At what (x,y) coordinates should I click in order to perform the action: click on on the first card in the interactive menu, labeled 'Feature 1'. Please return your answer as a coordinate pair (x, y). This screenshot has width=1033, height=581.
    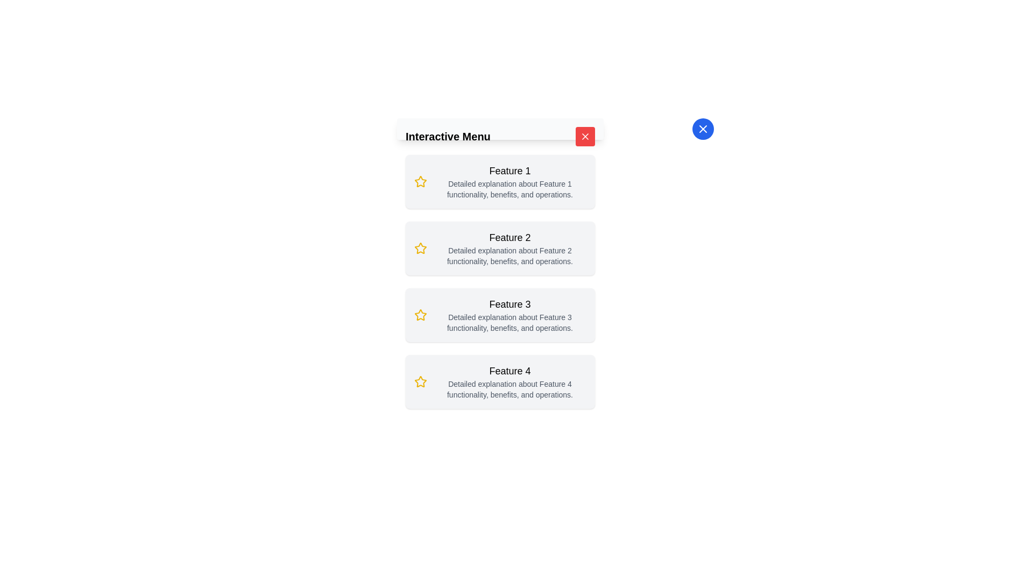
    Looking at the image, I should click on (500, 181).